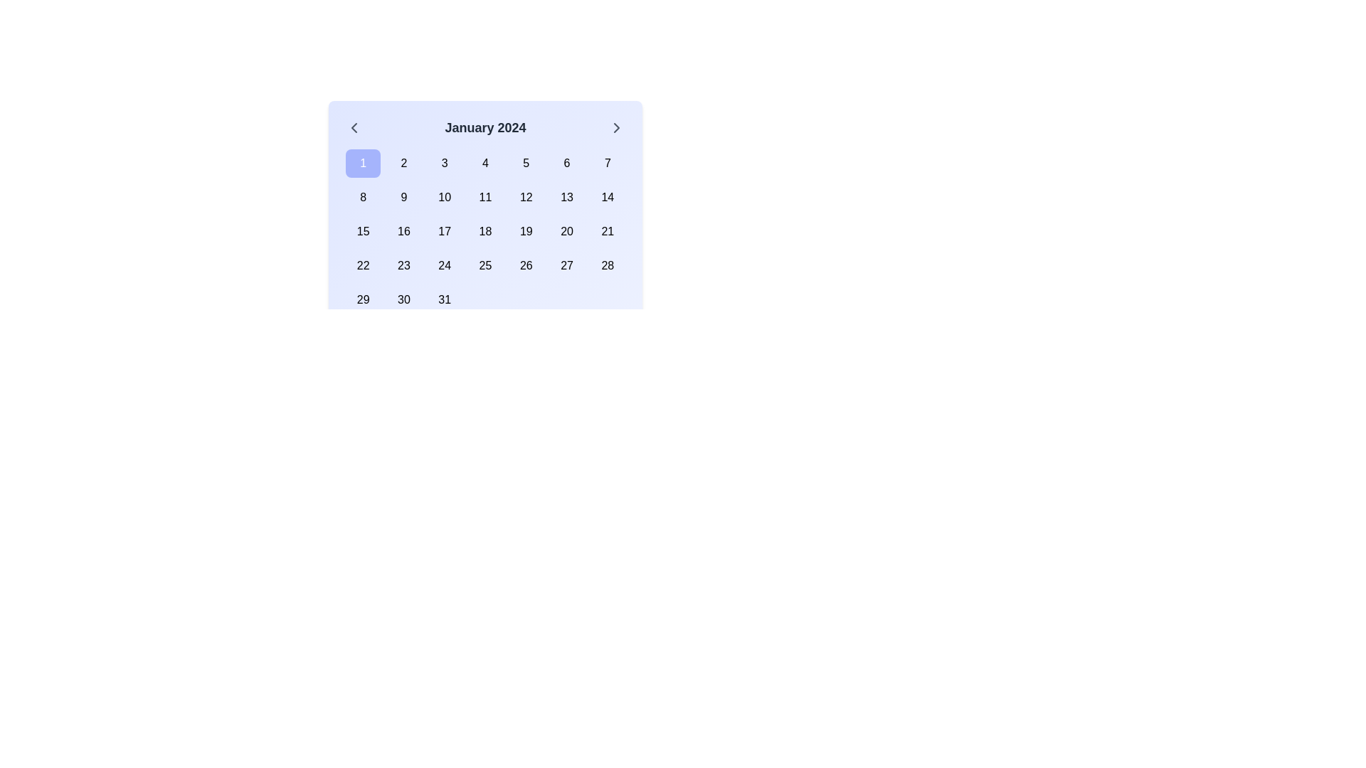 This screenshot has width=1366, height=768. I want to click on the button representing the 25th day of January 2024 for keyboard interaction, so click(485, 266).